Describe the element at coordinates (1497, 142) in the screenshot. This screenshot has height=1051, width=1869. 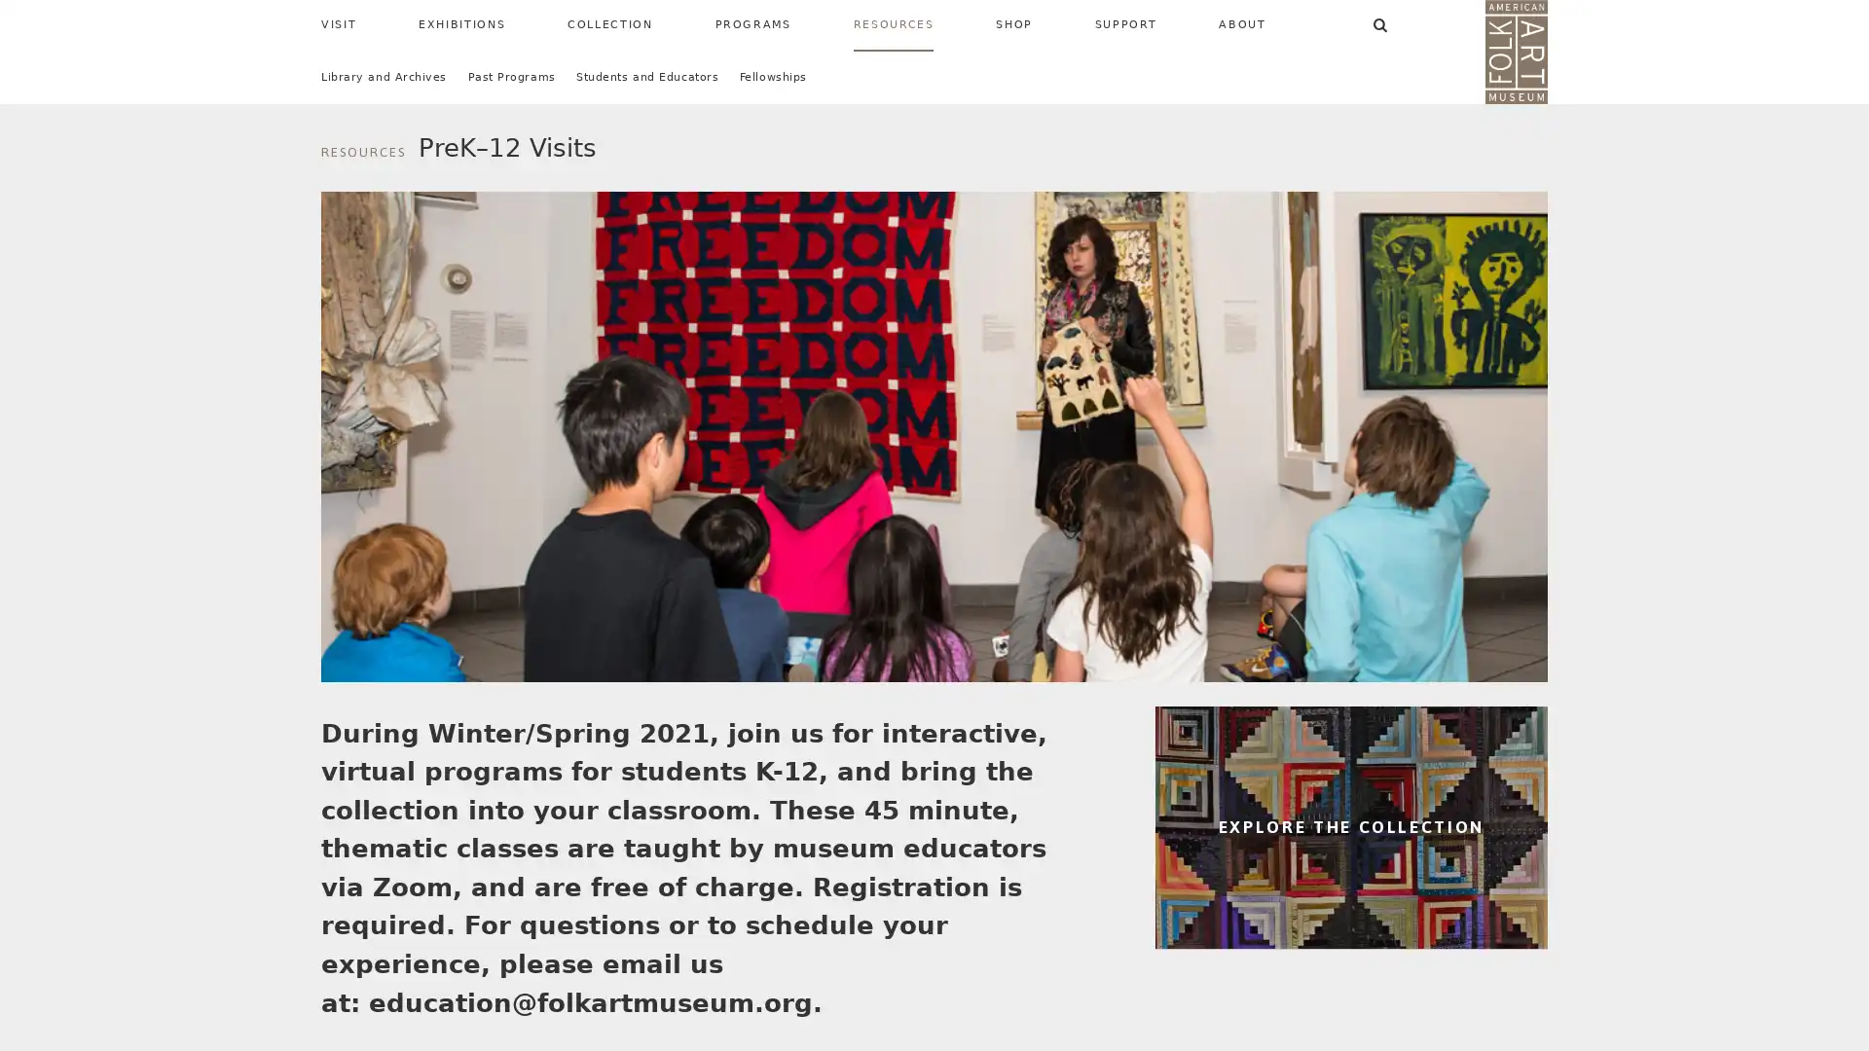
I see `SEARCH` at that location.